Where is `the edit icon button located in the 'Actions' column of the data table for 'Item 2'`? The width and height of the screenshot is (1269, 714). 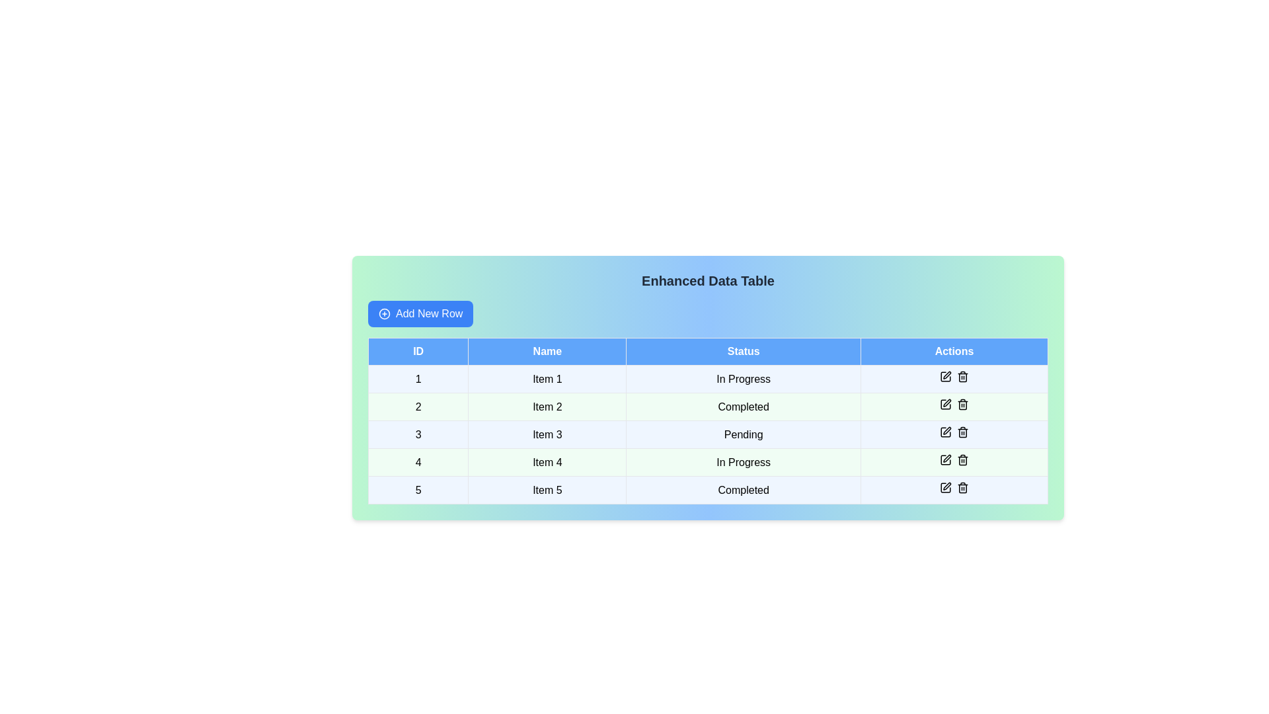 the edit icon button located in the 'Actions' column of the data table for 'Item 2' is located at coordinates (946, 375).